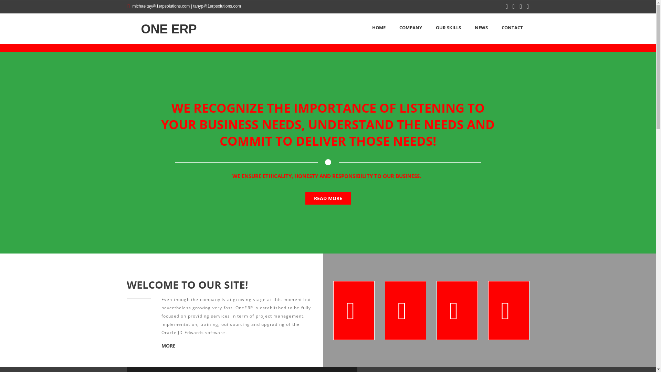 Image resolution: width=661 pixels, height=372 pixels. I want to click on 'READ MORE', so click(305, 198).